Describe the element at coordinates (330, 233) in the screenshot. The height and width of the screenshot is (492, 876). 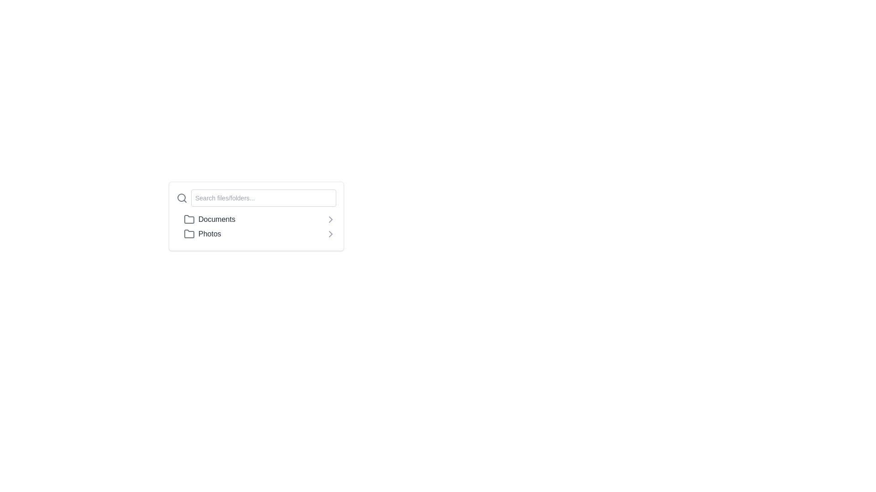
I see `the chevron icon located to the right of the 'Photos' text entry` at that location.